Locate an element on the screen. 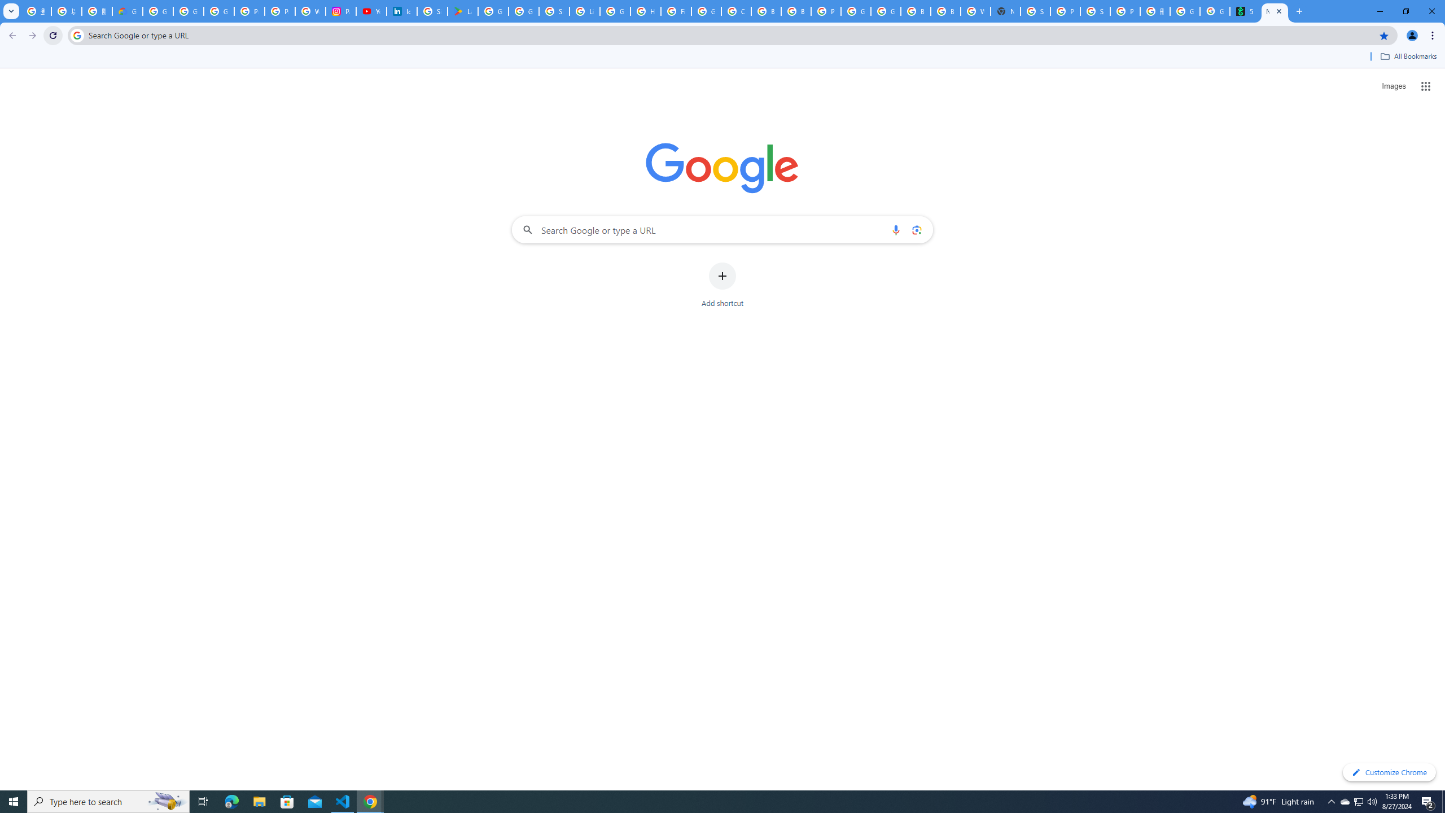 The width and height of the screenshot is (1445, 813). 'New Tab' is located at coordinates (1274, 11).